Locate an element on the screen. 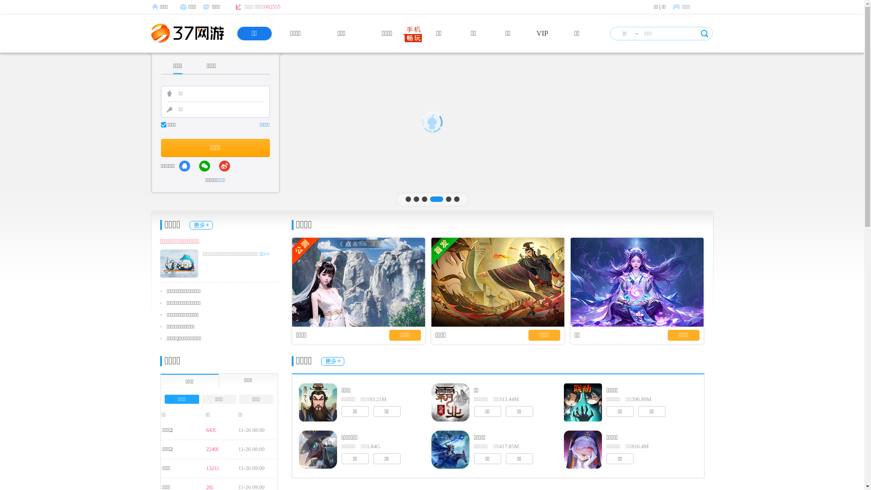  'QQ' is located at coordinates (184, 166).